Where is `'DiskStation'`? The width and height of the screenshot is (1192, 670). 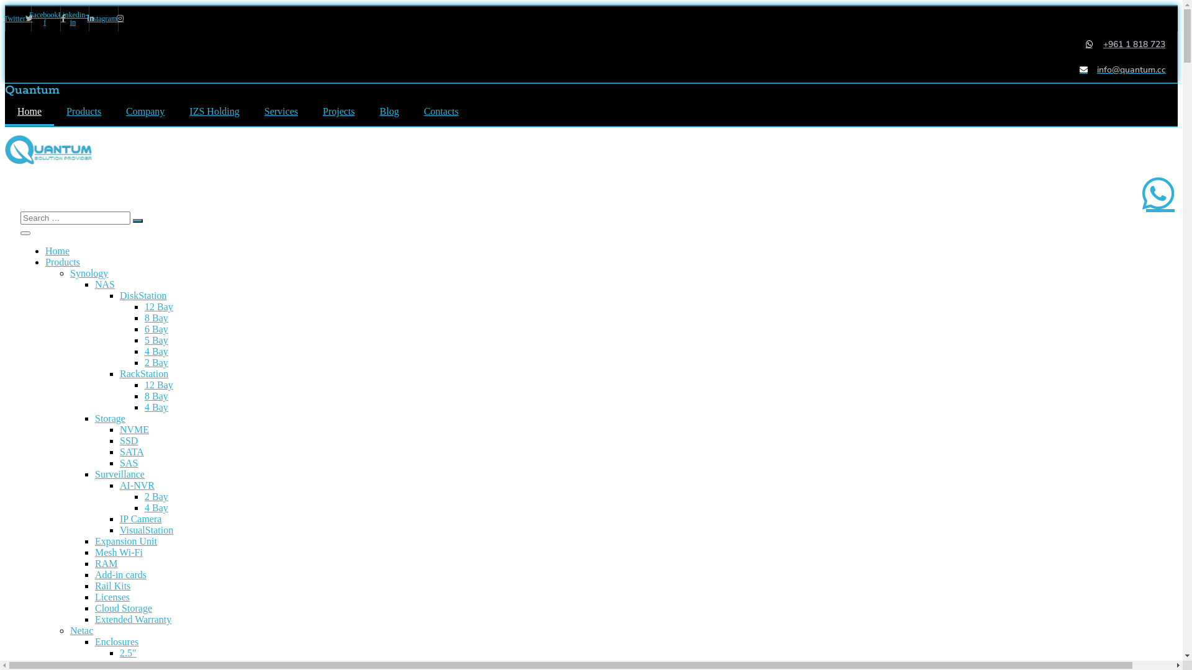 'DiskStation' is located at coordinates (143, 295).